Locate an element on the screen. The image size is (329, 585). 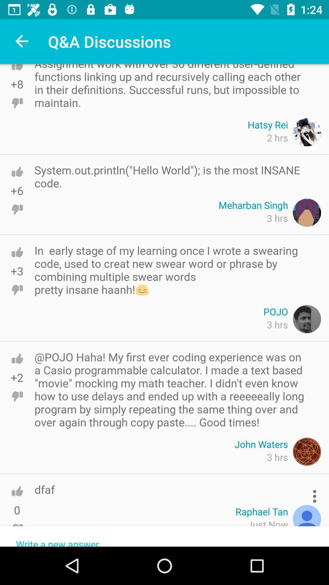
upvote comment is located at coordinates (17, 491).